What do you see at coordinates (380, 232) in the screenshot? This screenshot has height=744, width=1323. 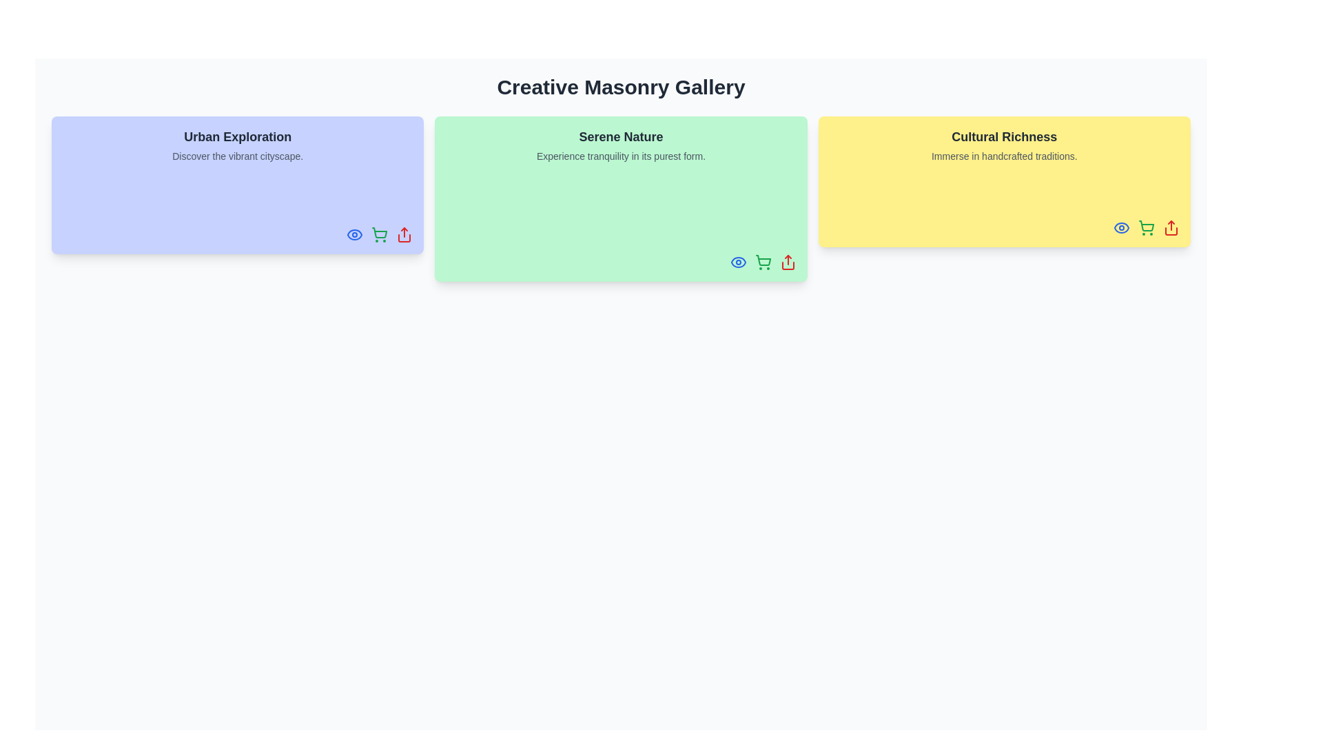 I see `the shopping cart icon located in the lower-right corner of the blue card labeled 'Urban Exploration'` at bounding box center [380, 232].